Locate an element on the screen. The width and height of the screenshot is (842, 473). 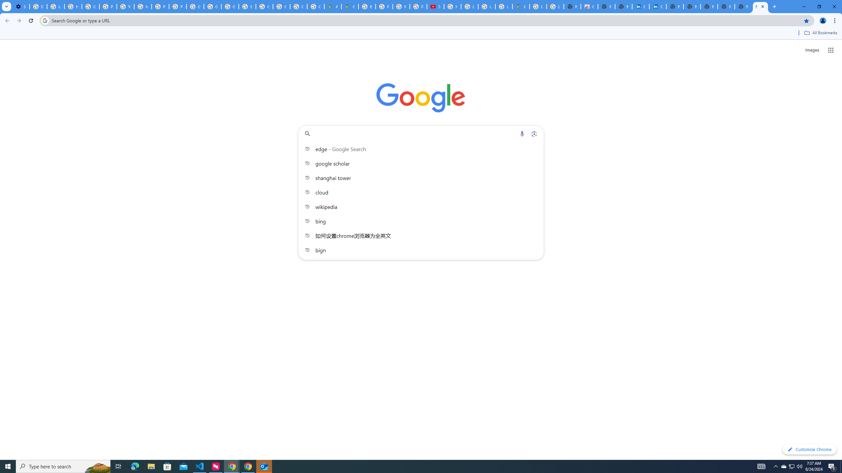
'YouTube' is located at coordinates (125, 6).